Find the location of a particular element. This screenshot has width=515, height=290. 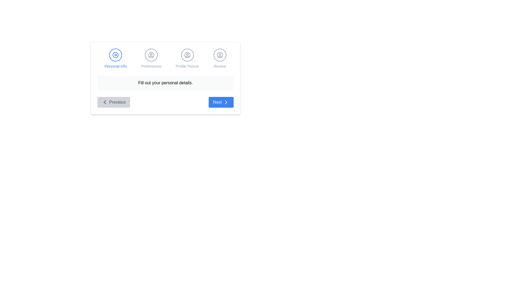

the 'Personal Info' step icon located within the circular navigation button at the top section of the interface is located at coordinates (115, 55).